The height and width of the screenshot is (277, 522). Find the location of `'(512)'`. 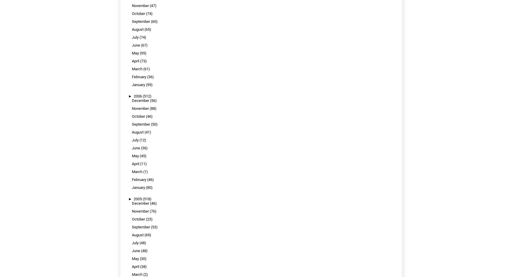

'(512)' is located at coordinates (147, 96).